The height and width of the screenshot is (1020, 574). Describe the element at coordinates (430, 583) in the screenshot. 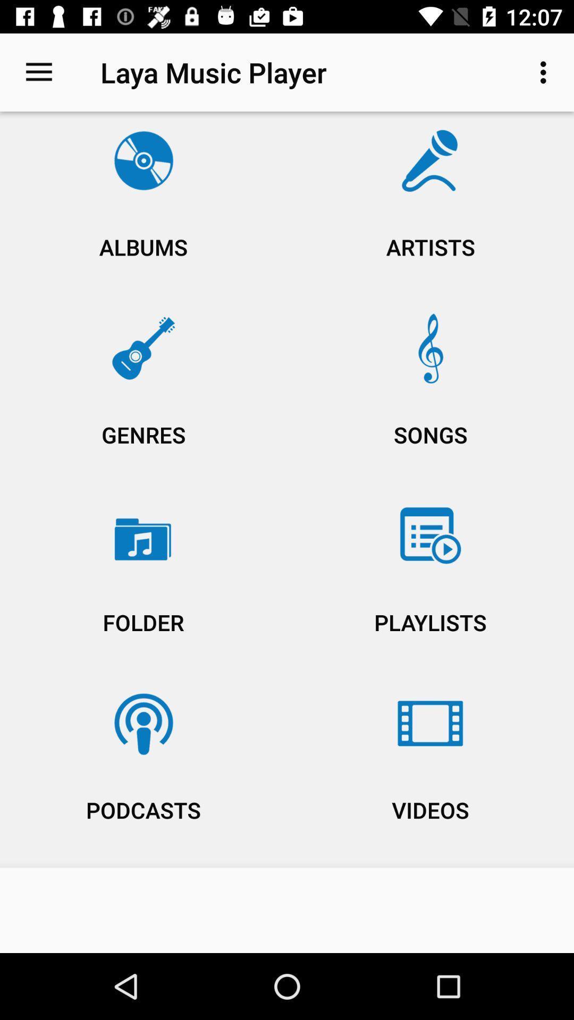

I see `the item below genres item` at that location.